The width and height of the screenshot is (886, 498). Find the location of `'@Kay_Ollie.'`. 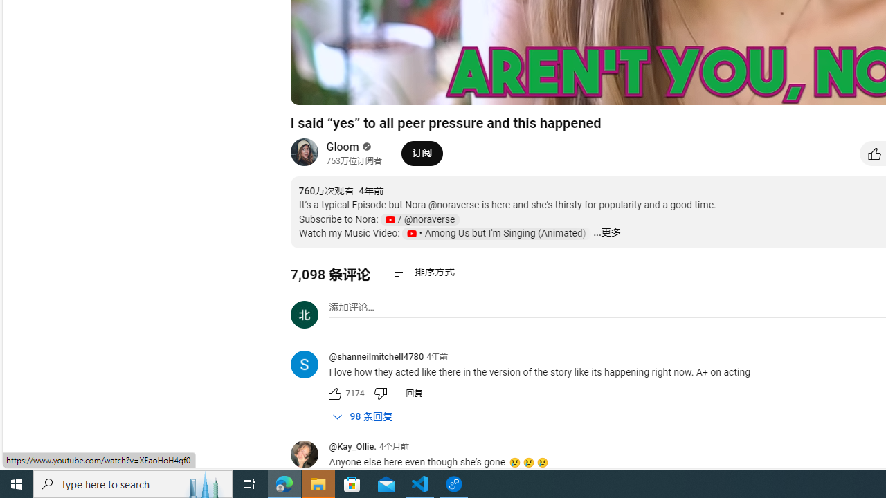

'@Kay_Ollie.' is located at coordinates (309, 455).